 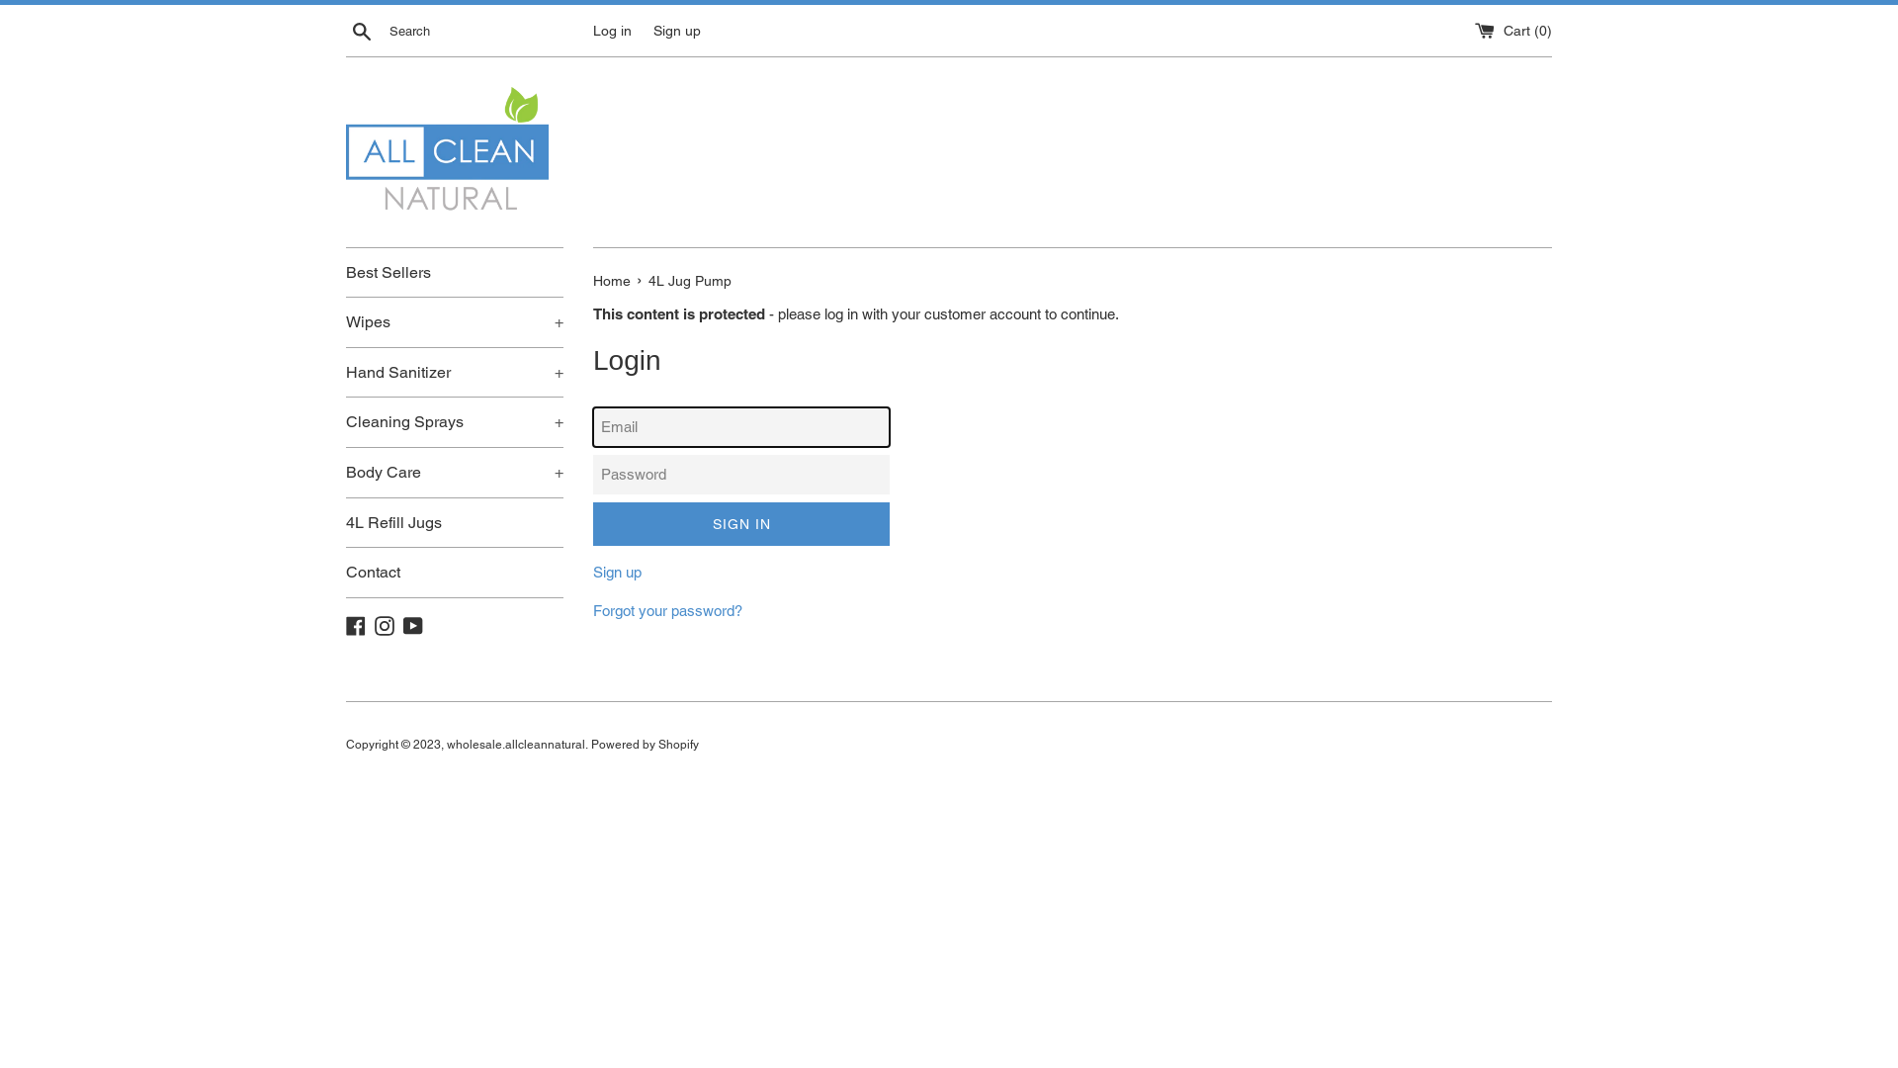 What do you see at coordinates (454, 273) in the screenshot?
I see `'Best Sellers'` at bounding box center [454, 273].